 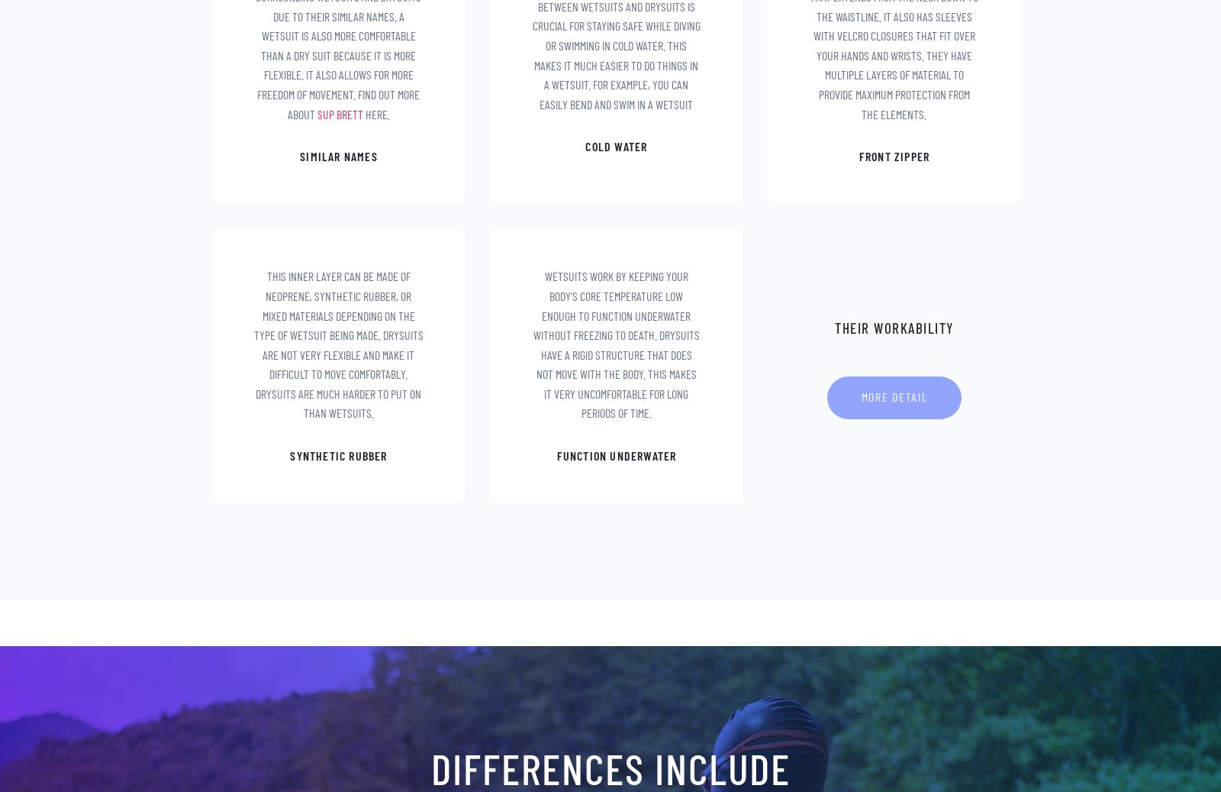 I want to click on 'sup brett', so click(x=316, y=112).